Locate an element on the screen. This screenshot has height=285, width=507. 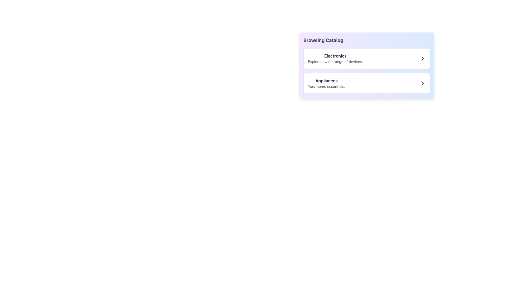
the 'Electronics' text label styled in bold dark gray, located at the top of its card-like layout in the first row of the vertical list is located at coordinates (335, 56).